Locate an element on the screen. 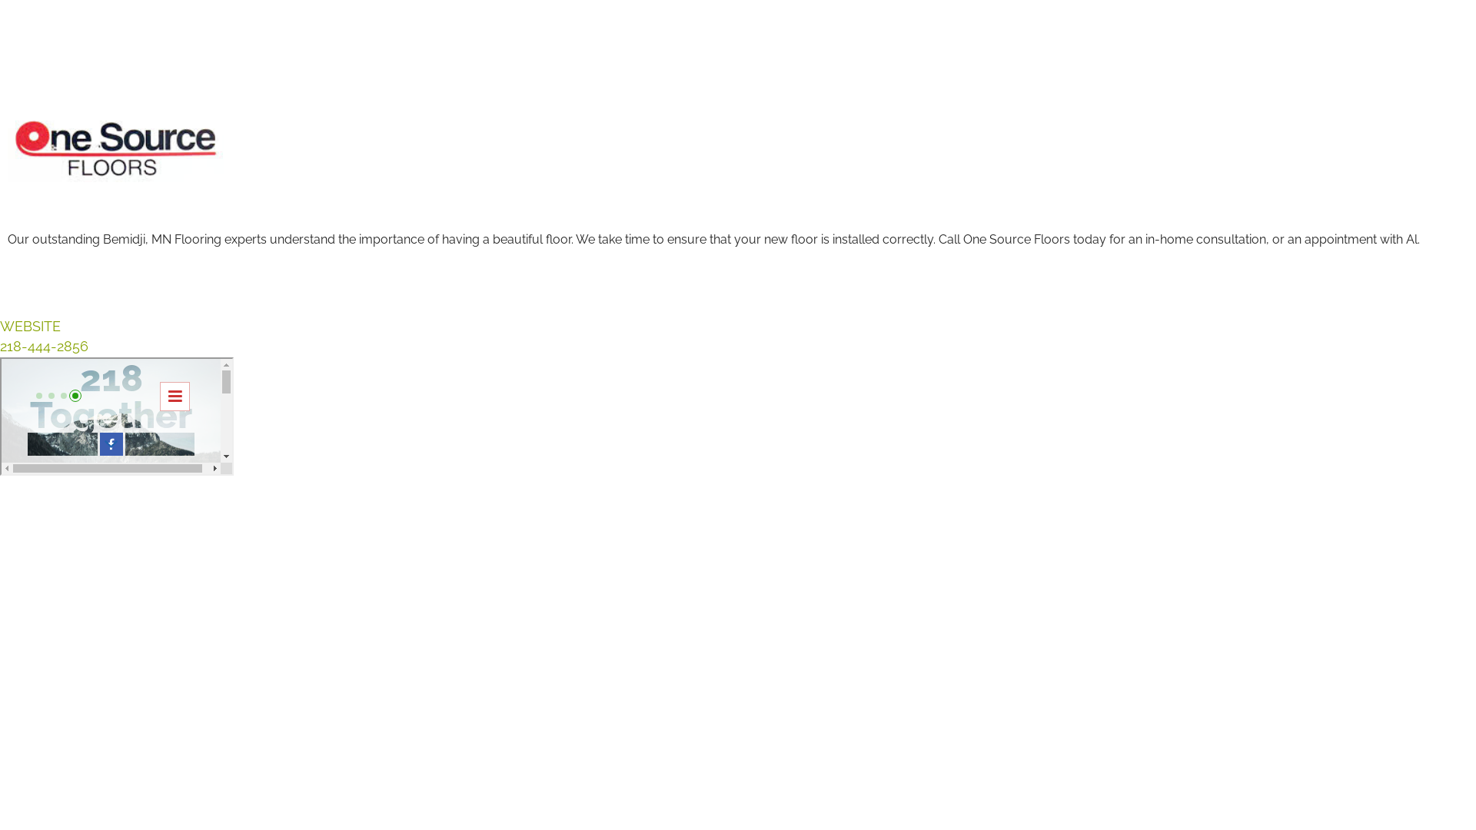  '218-444-2856' is located at coordinates (44, 346).